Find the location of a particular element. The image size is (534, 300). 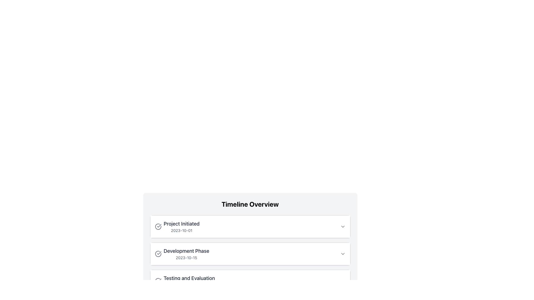

second item in the timeline interface, which represents the milestone titled 'Development Phase' with the date '2023-10-15' is located at coordinates (250, 254).